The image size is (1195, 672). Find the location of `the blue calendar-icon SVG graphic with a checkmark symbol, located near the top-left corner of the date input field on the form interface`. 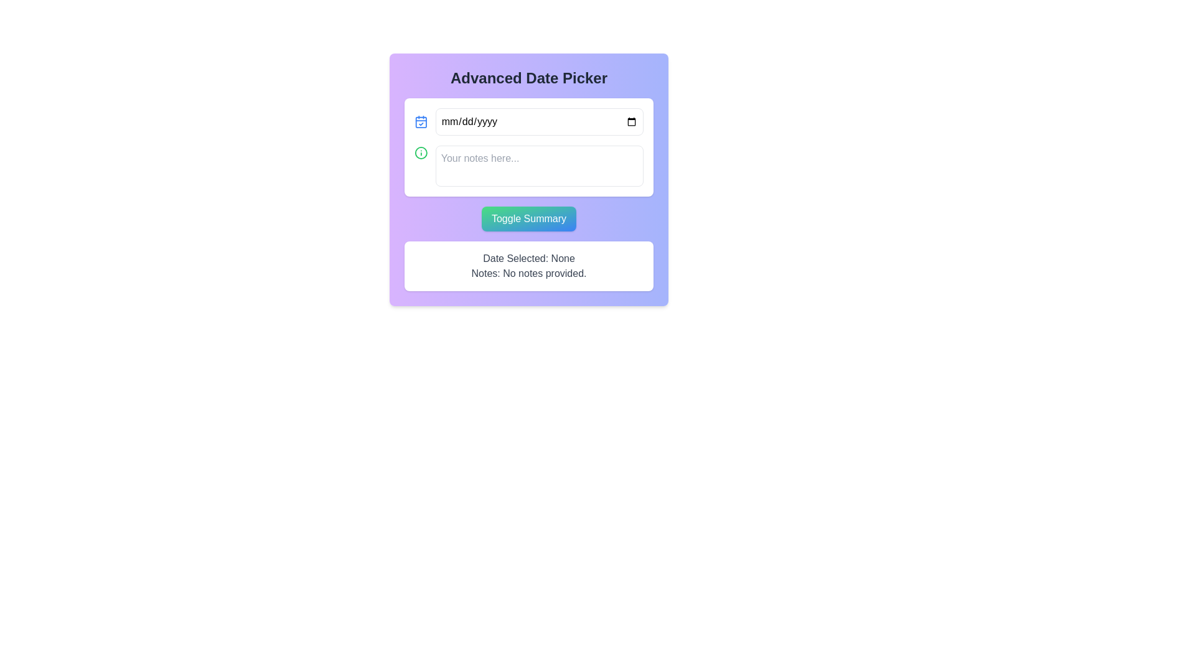

the blue calendar-icon SVG graphic with a checkmark symbol, located near the top-left corner of the date input field on the form interface is located at coordinates (421, 122).